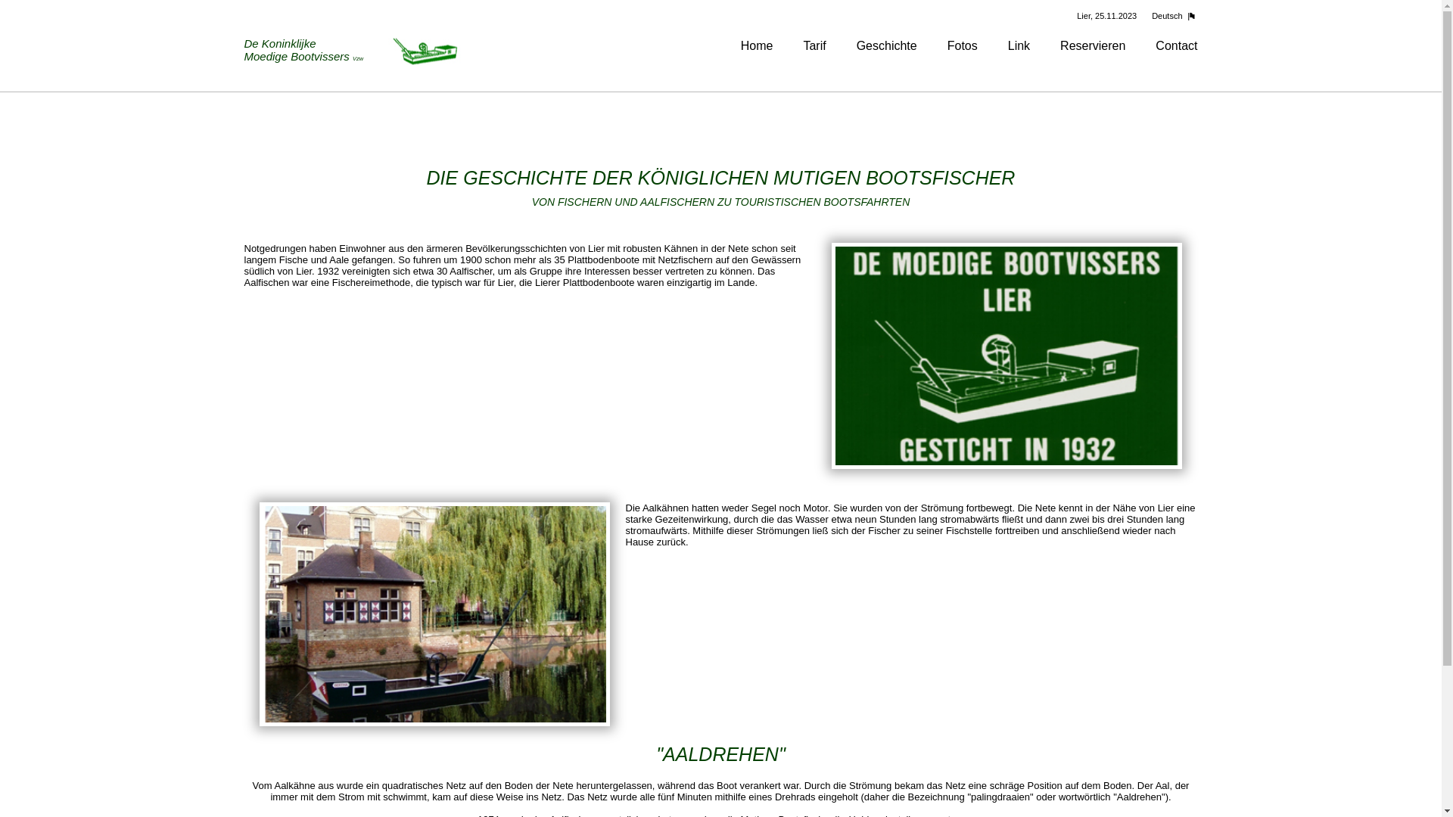 This screenshot has width=1453, height=817. Describe the element at coordinates (352, 51) in the screenshot. I see `'De Koninklijke` at that location.